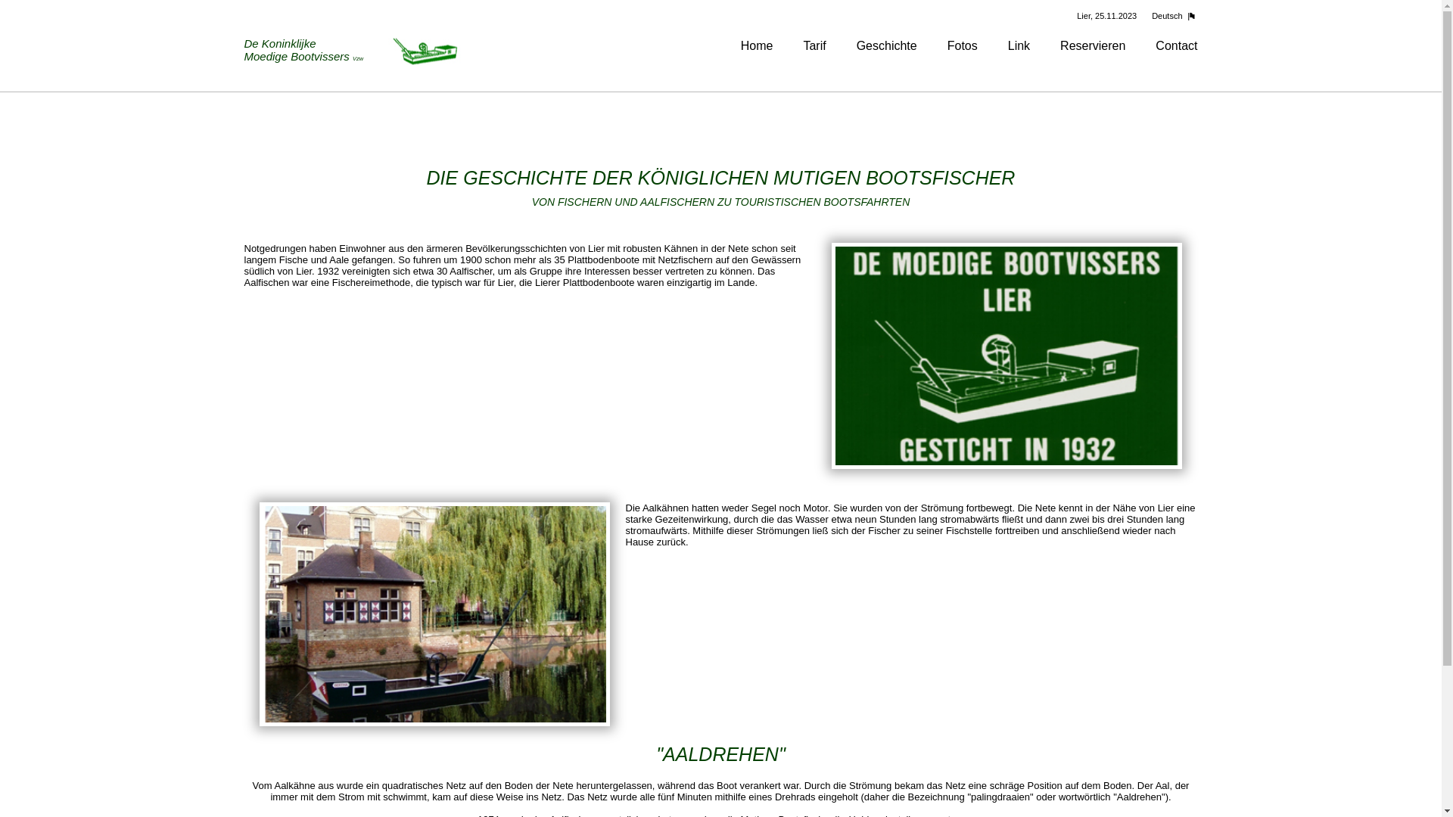 This screenshot has width=1453, height=817. Describe the element at coordinates (352, 51) in the screenshot. I see `'De Koninklijke` at that location.